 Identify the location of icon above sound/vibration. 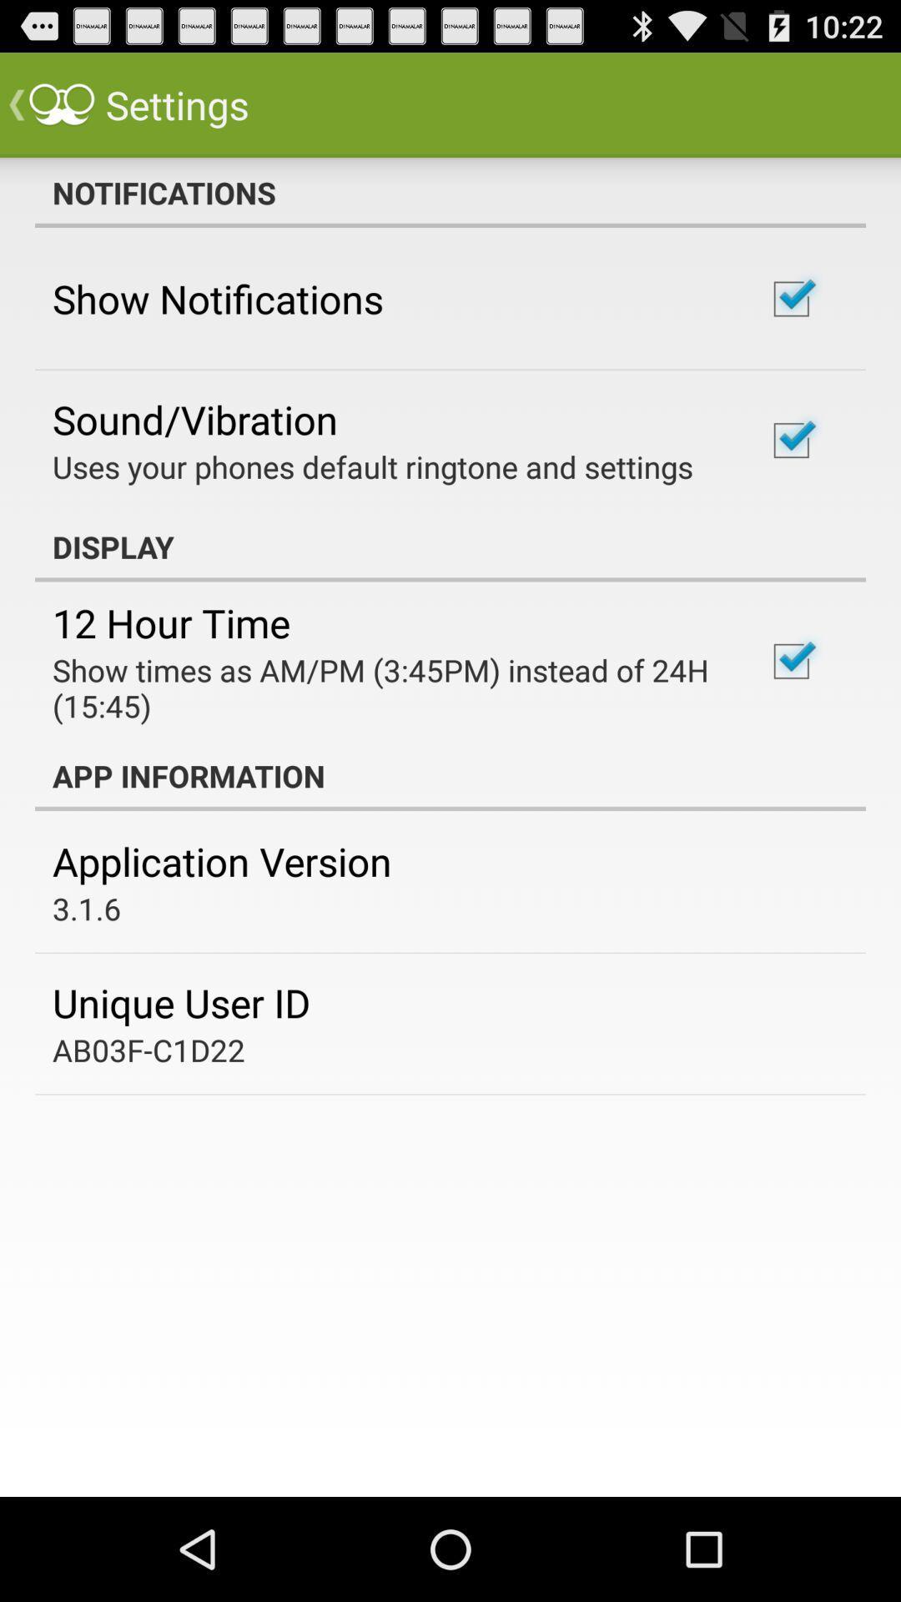
(217, 299).